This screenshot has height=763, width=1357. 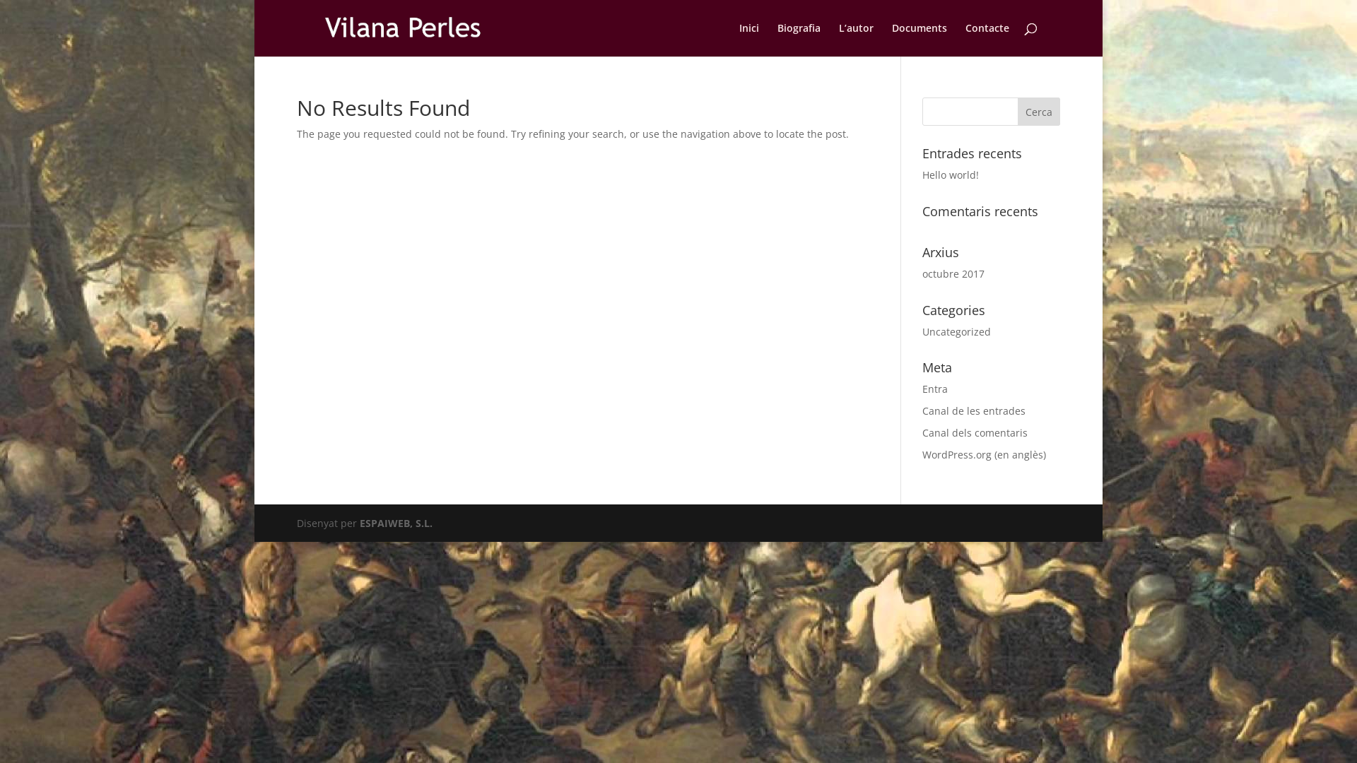 What do you see at coordinates (950, 174) in the screenshot?
I see `'Hello world!'` at bounding box center [950, 174].